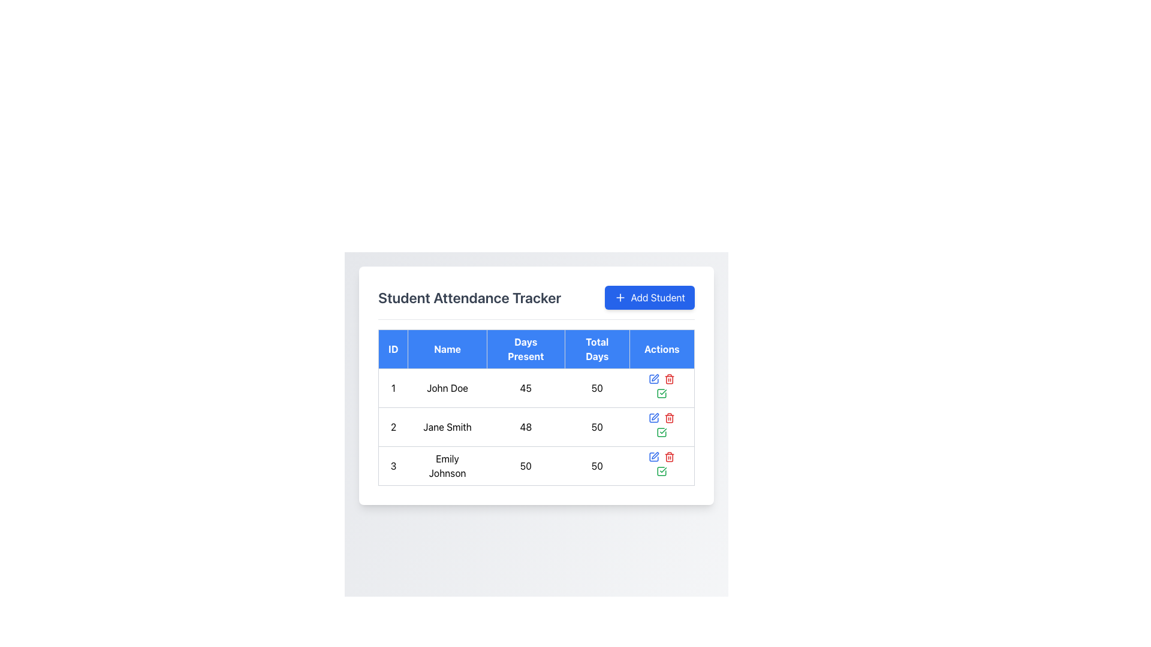 This screenshot has width=1151, height=647. I want to click on the green checkmark icon button in the 'Actions' column of the 'Student Attendance Tracker' table, so click(661, 465).